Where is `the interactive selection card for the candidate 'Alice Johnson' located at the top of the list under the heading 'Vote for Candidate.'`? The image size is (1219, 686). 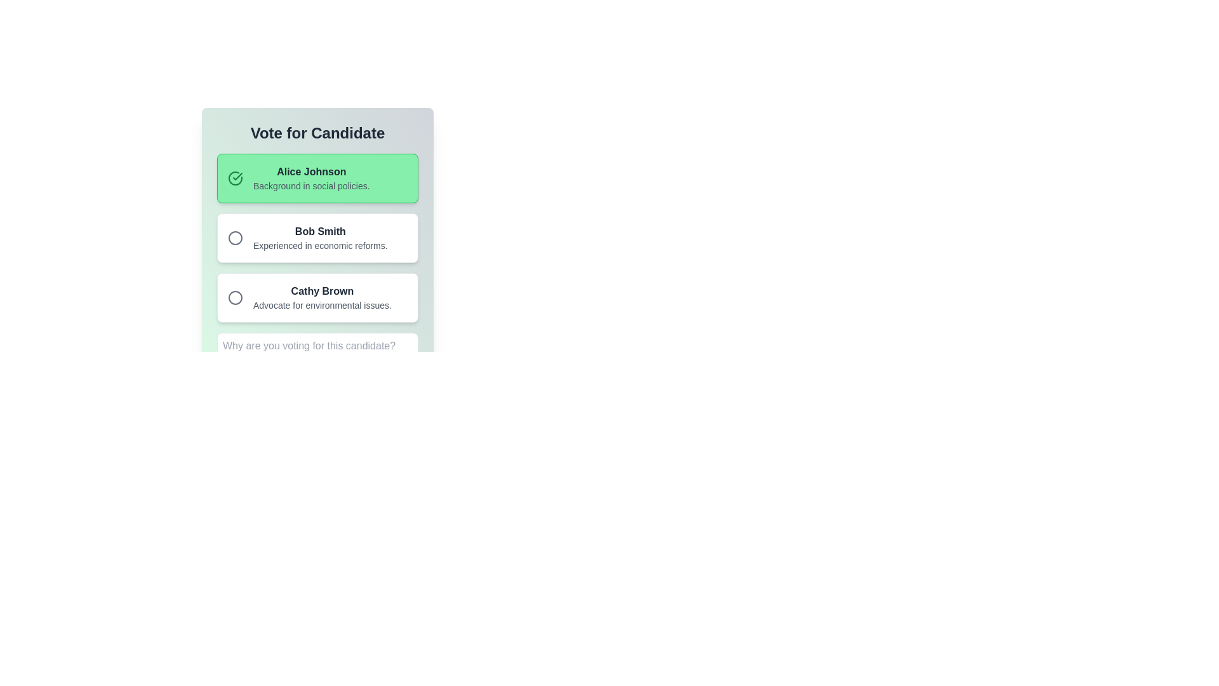
the interactive selection card for the candidate 'Alice Johnson' located at the top of the list under the heading 'Vote for Candidate.' is located at coordinates (317, 178).